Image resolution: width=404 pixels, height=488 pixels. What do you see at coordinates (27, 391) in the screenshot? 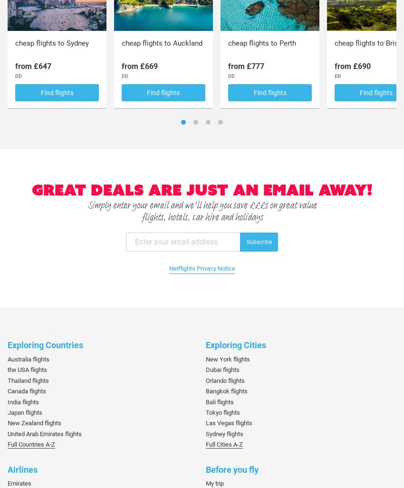
I see `'Canada flights'` at bounding box center [27, 391].